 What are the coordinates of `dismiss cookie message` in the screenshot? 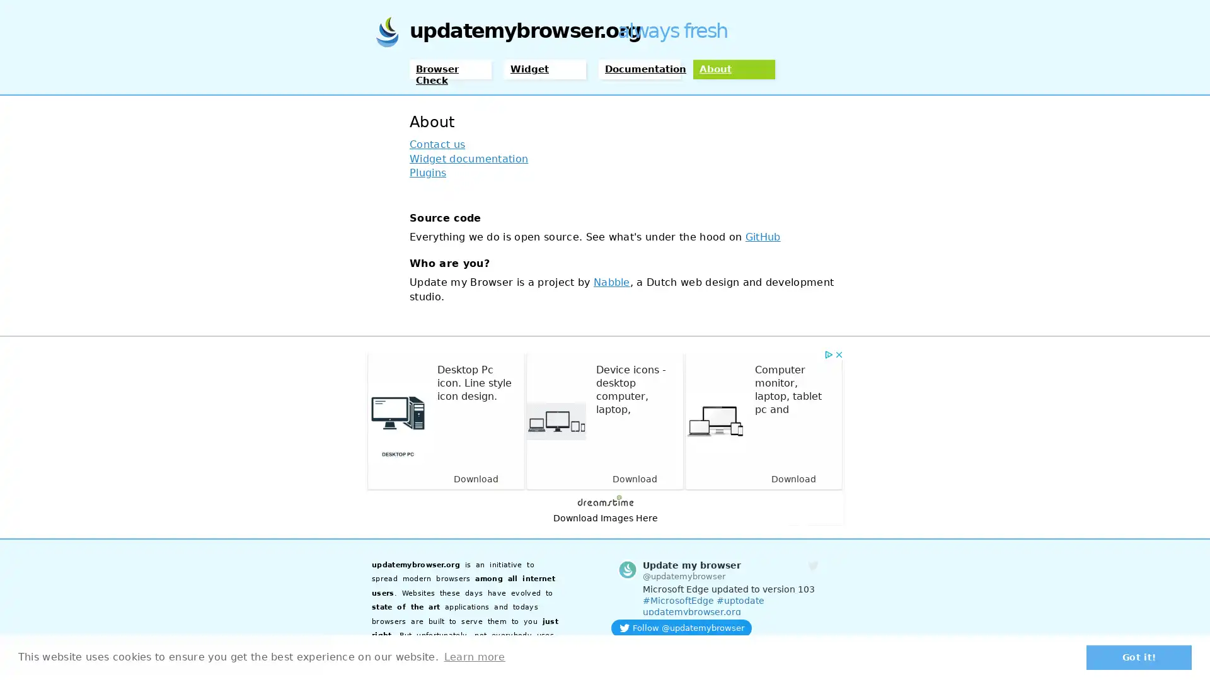 It's located at (1139, 657).